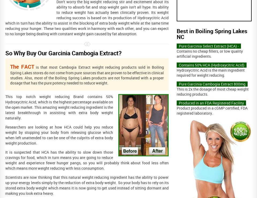 The height and width of the screenshot is (198, 257). What do you see at coordinates (211, 73) in the screenshot?
I see `'Hydroxycitric Acid is the main ingredient required for weight reducing.'` at bounding box center [211, 73].